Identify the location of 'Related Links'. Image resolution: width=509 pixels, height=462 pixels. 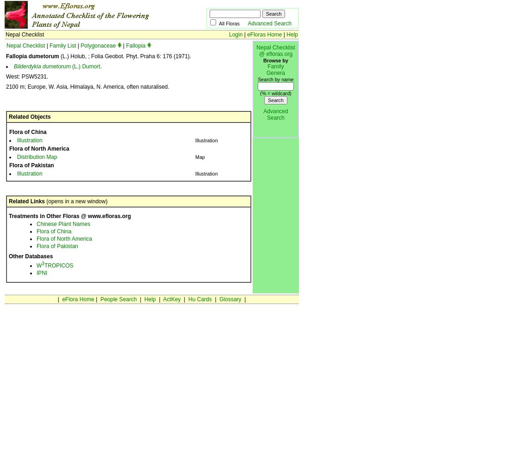
(26, 201).